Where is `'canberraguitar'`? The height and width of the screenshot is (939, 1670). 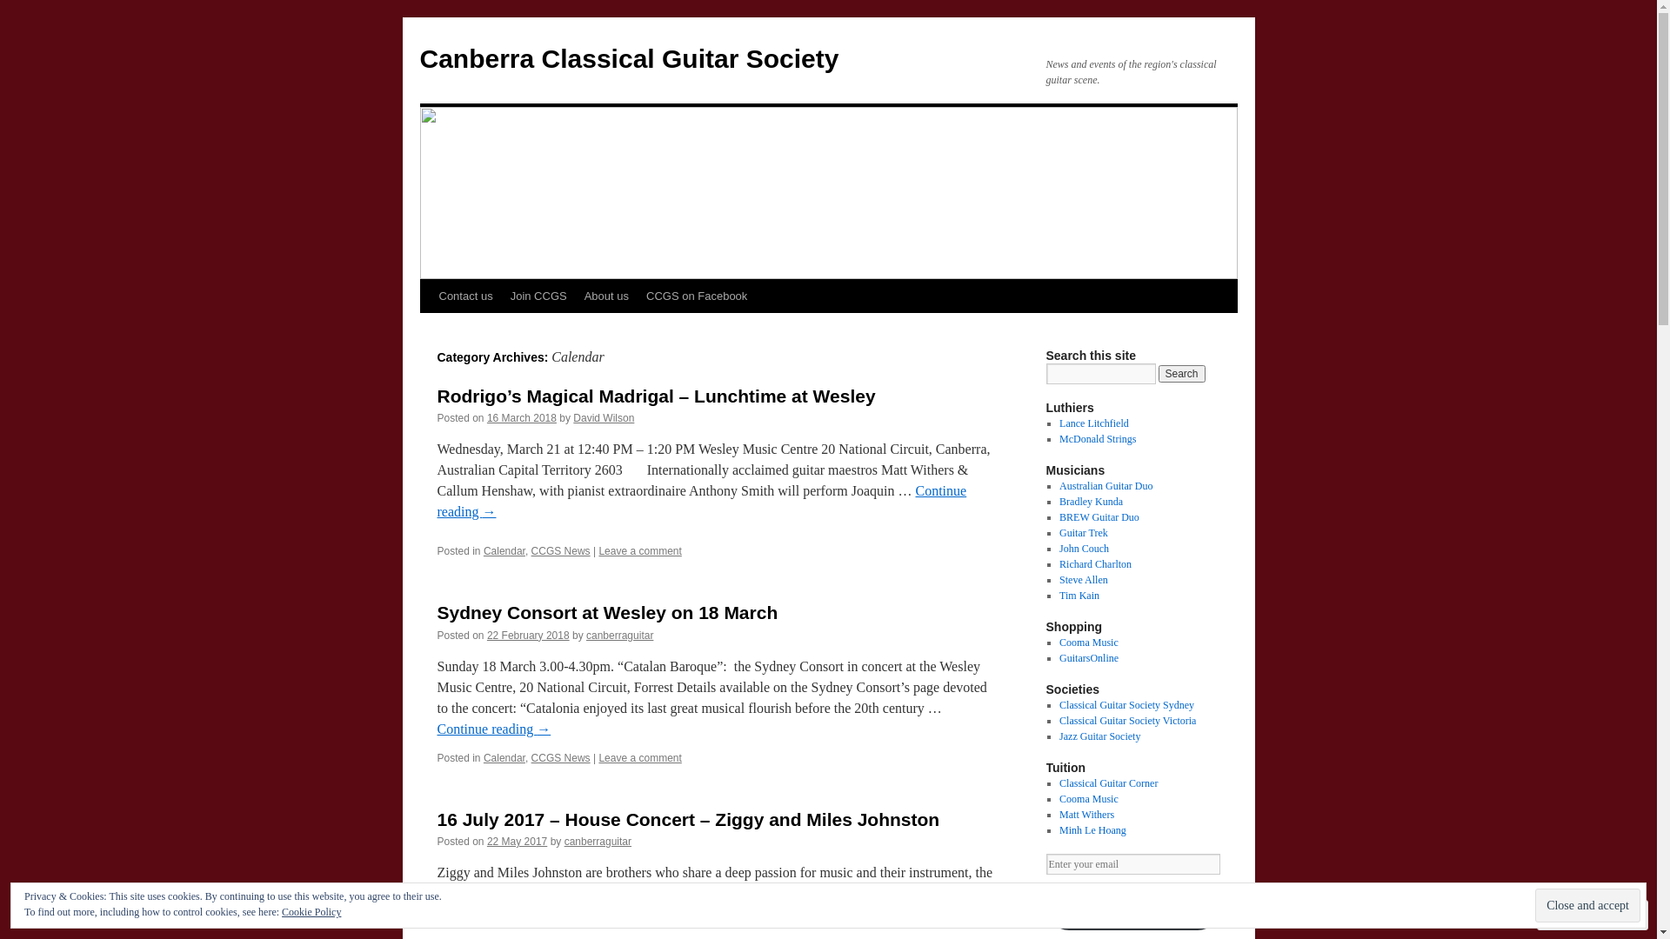 'canberraguitar' is located at coordinates (619, 636).